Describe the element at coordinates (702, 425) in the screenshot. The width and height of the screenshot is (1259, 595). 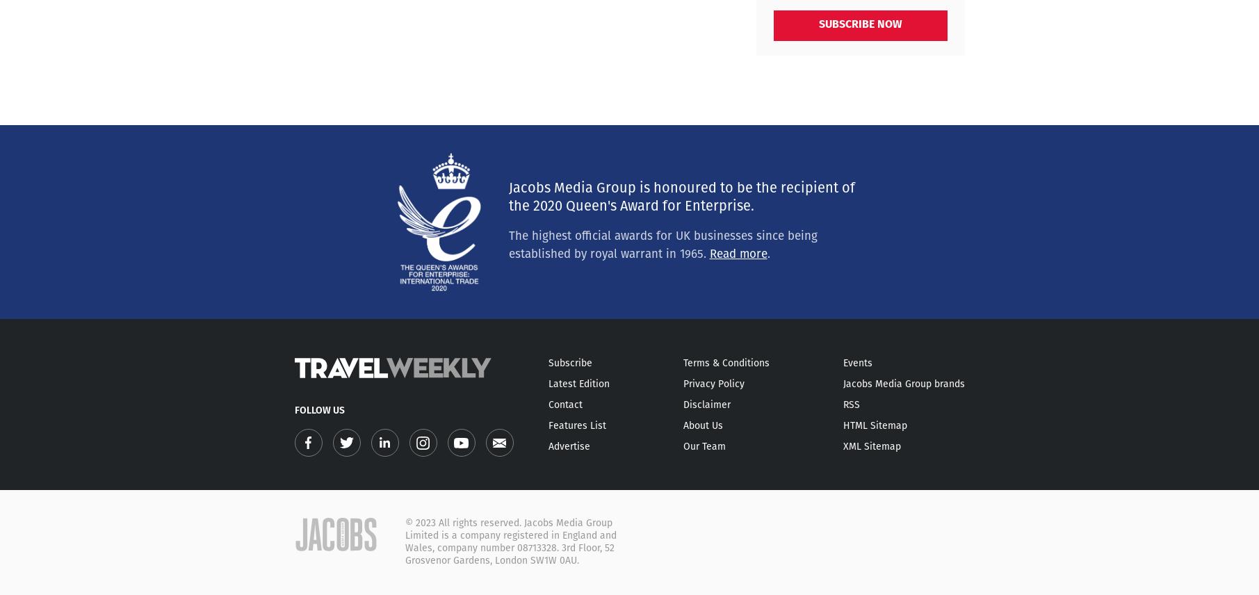
I see `'About Us'` at that location.